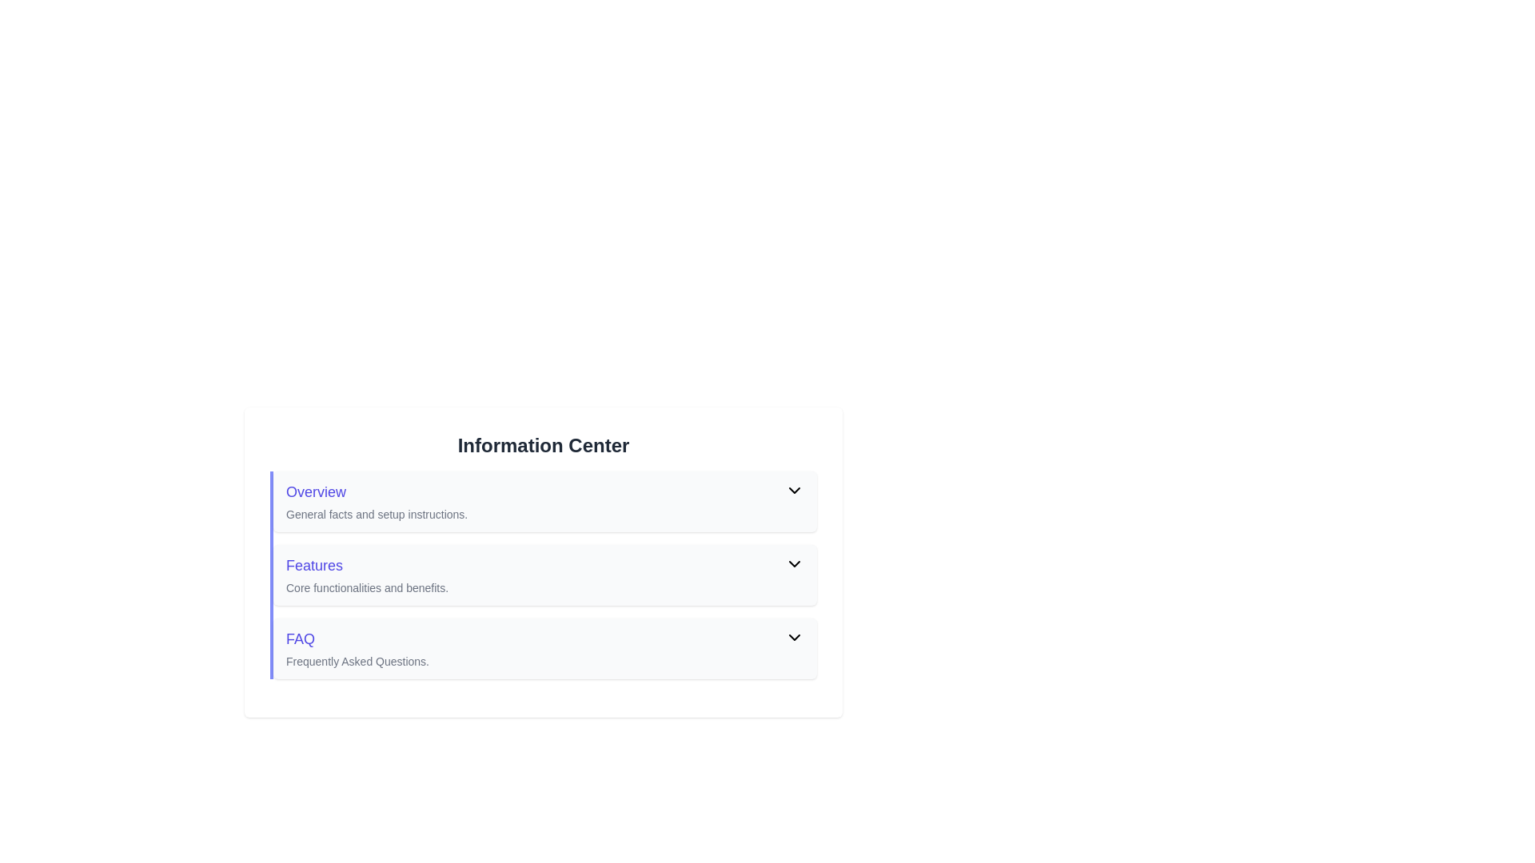 Image resolution: width=1535 pixels, height=863 pixels. I want to click on the downward arrow icon located to the far right of the 'Overview' section header in the 'Information Center' panel, so click(794, 489).